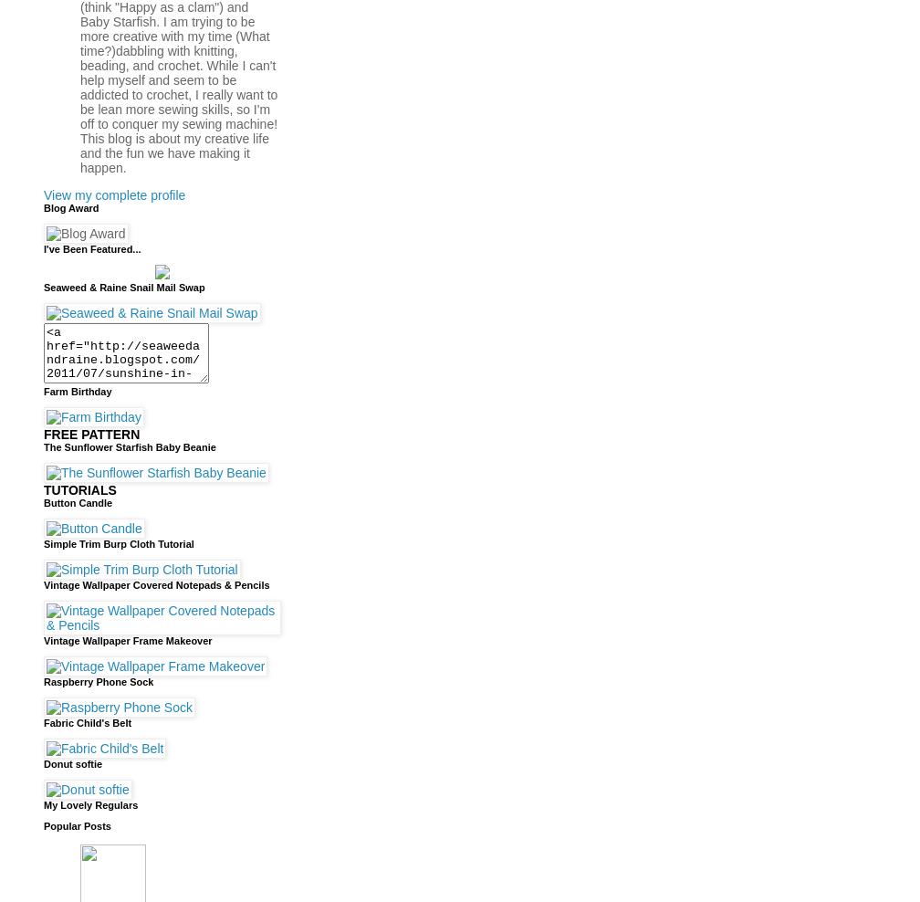 Image resolution: width=920 pixels, height=902 pixels. What do you see at coordinates (73, 763) in the screenshot?
I see `'Donut softie'` at bounding box center [73, 763].